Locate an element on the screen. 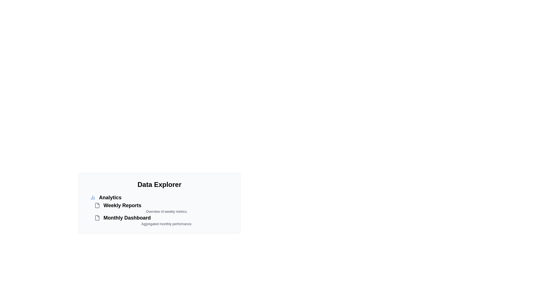  the second navigation link in the 'Analytics' section of the 'Data Explorer' menu is located at coordinates (163, 205).